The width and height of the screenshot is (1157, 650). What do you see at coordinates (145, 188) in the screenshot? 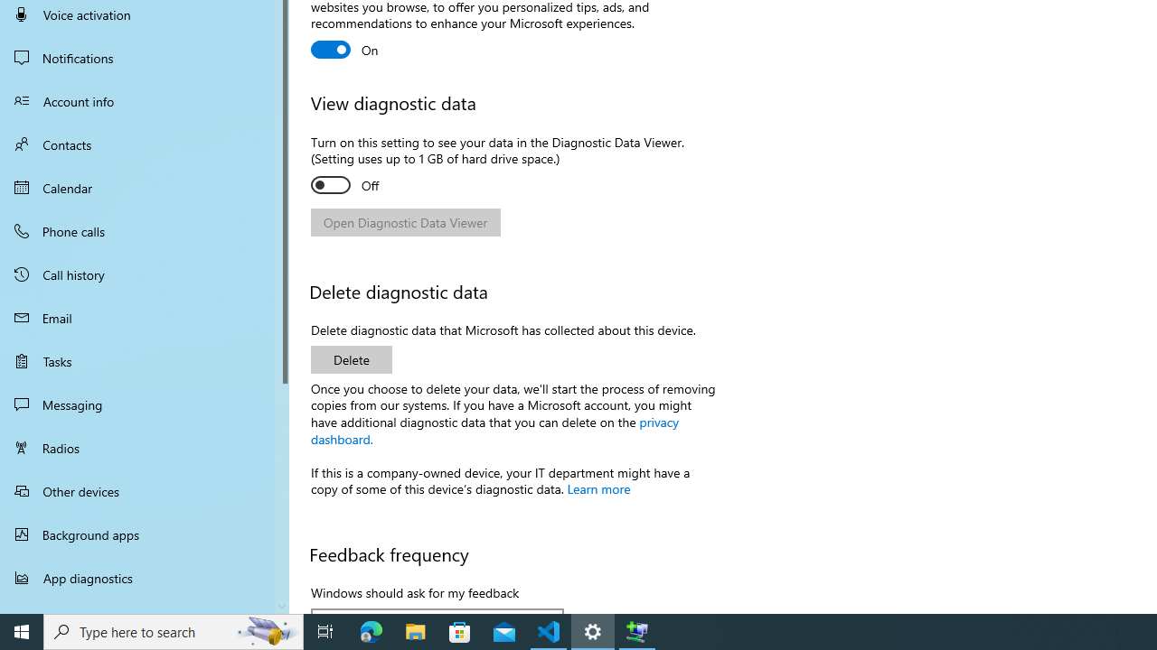
I see `'Calendar'` at bounding box center [145, 188].